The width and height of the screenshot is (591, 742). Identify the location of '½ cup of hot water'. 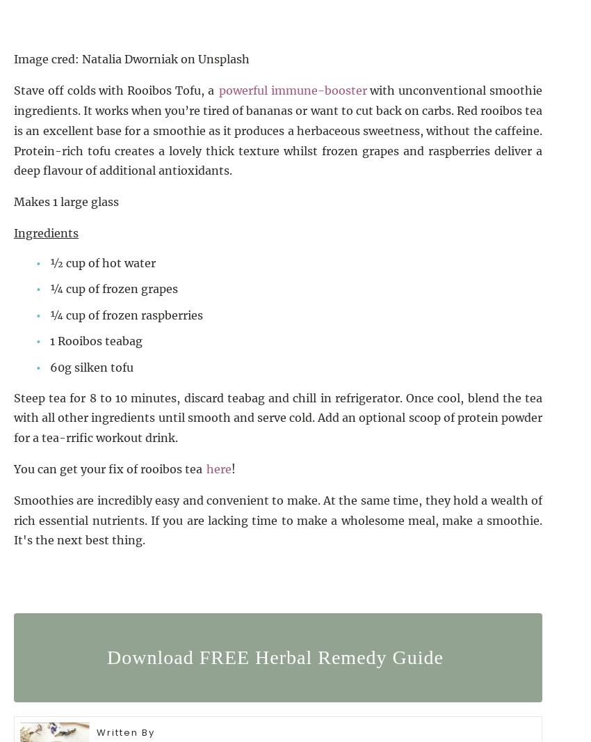
(102, 262).